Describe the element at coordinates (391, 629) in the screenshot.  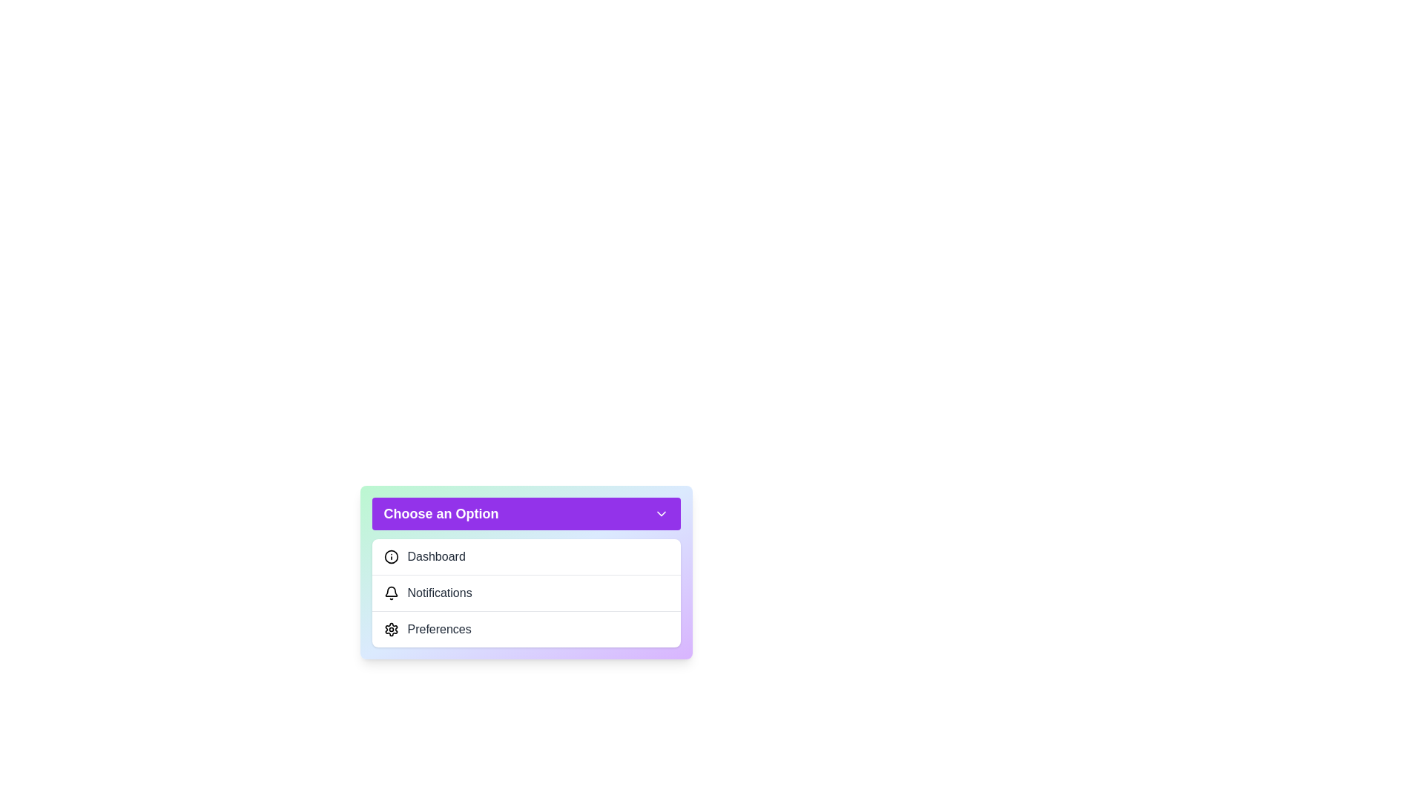
I see `the icon next to the menu item Preferences` at that location.